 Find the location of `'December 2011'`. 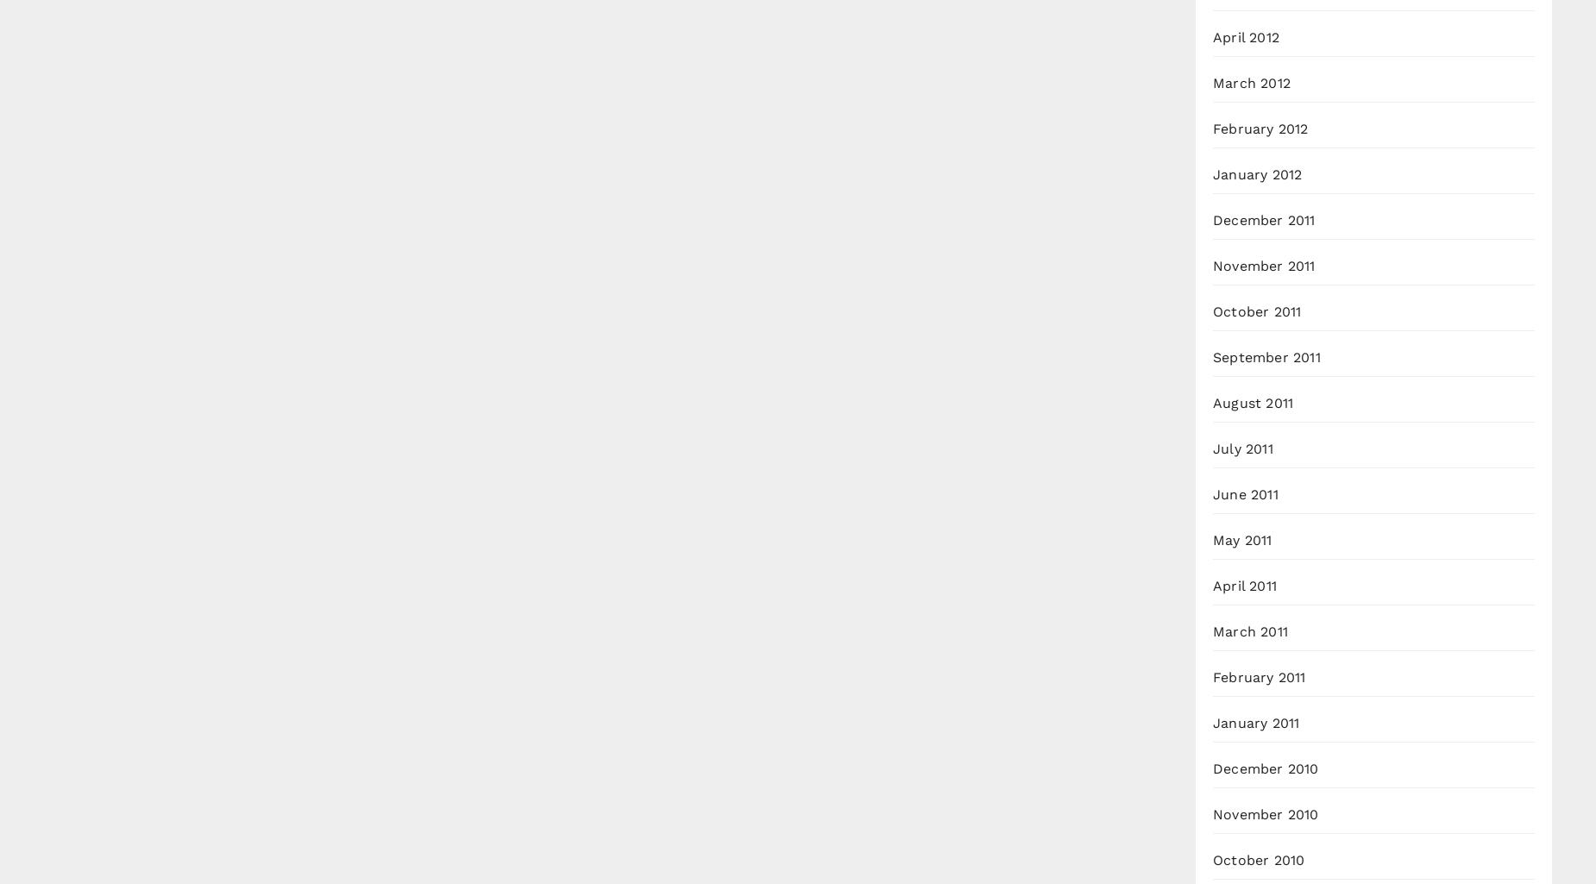

'December 2011' is located at coordinates (1264, 219).